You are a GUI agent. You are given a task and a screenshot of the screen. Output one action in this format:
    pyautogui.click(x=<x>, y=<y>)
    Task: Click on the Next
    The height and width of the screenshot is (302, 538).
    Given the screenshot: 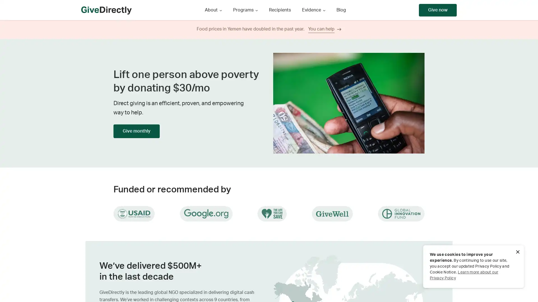 What is the action you would take?
    pyautogui.click(x=99, y=294)
    